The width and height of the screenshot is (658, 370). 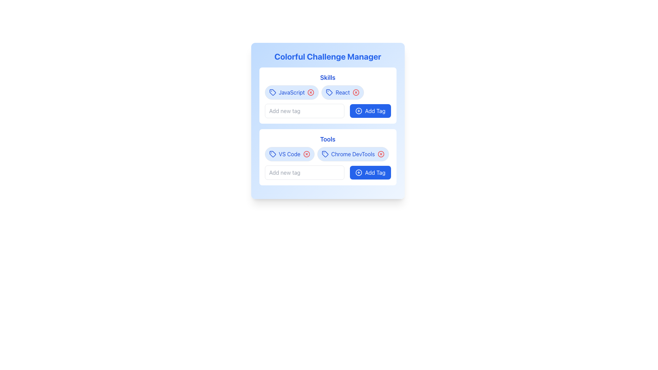 What do you see at coordinates (356, 92) in the screenshot?
I see `the circular graphical icon located to the right of the 'React' label in the 'Skills' section of the interface` at bounding box center [356, 92].